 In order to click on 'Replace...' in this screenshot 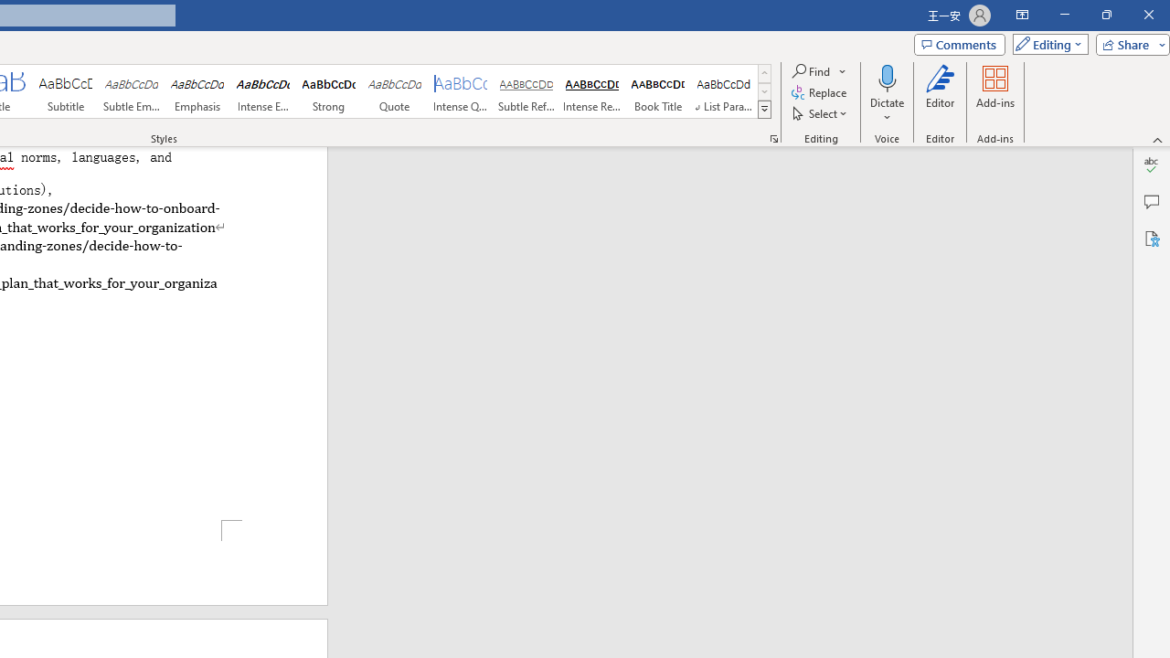, I will do `click(819, 92)`.